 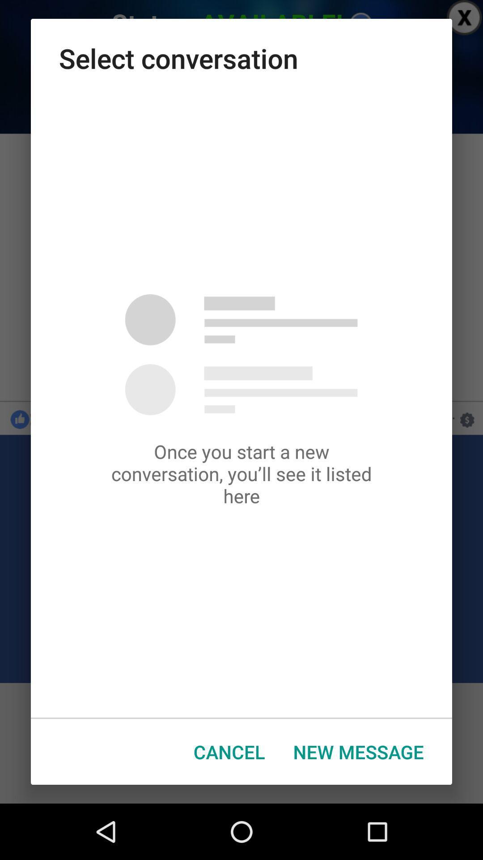 I want to click on item to the right of cancel item, so click(x=358, y=752).